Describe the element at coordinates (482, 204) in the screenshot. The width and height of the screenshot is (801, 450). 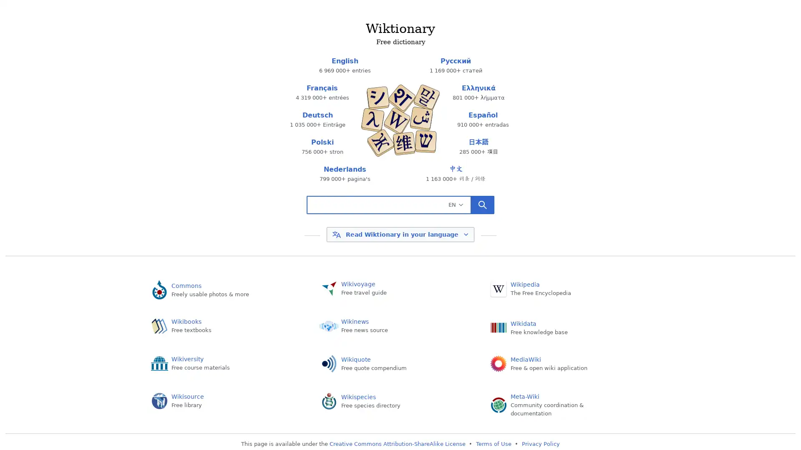
I see `Search` at that location.